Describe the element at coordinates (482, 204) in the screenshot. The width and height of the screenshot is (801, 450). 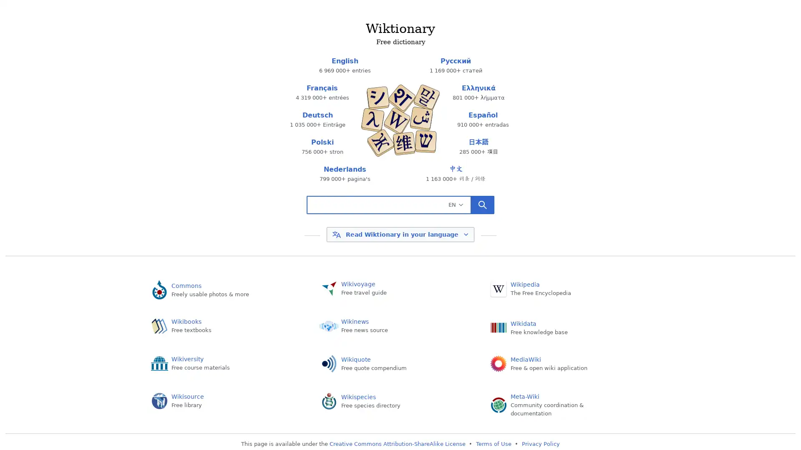
I see `Search` at that location.